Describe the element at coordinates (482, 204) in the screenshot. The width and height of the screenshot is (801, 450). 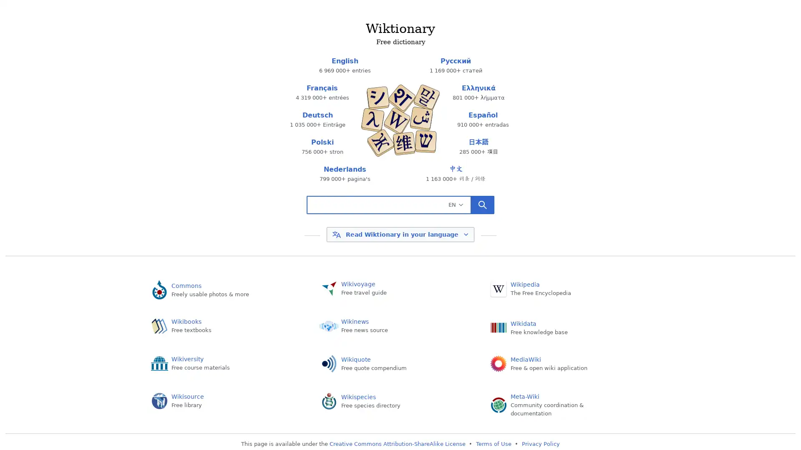
I see `Search` at that location.